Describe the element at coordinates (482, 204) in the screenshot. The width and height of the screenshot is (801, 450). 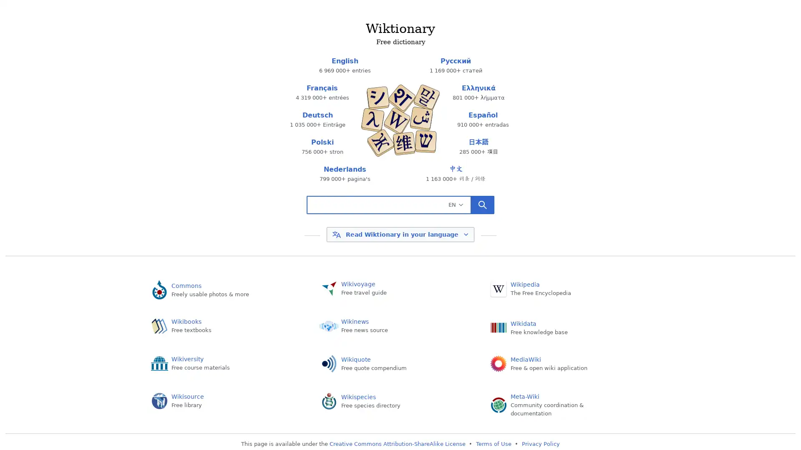
I see `Search` at that location.